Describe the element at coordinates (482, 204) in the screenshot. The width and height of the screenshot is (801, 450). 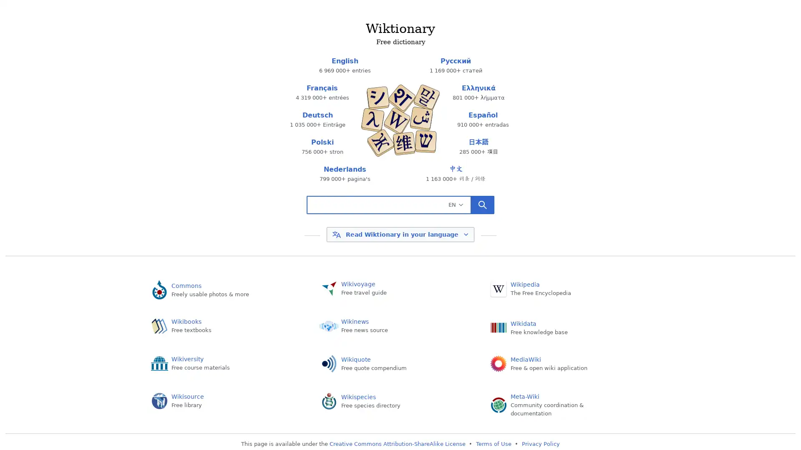
I see `Search` at that location.